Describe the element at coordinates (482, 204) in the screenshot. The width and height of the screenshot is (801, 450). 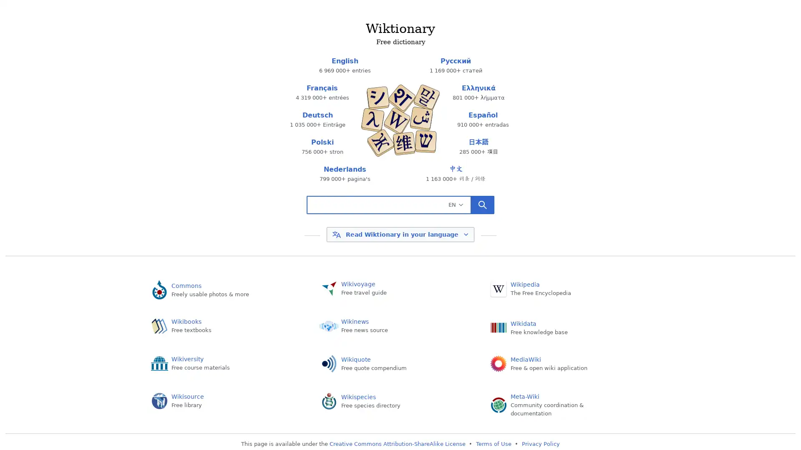
I see `Search` at that location.